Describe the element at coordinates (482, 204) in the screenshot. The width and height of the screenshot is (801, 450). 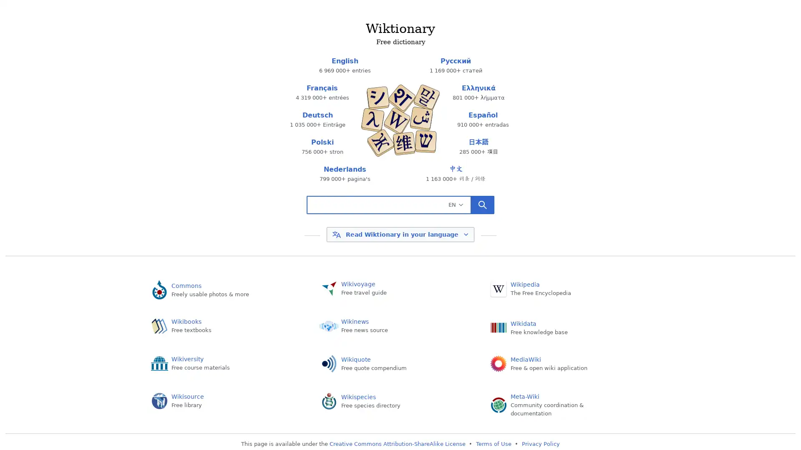
I see `Search` at that location.